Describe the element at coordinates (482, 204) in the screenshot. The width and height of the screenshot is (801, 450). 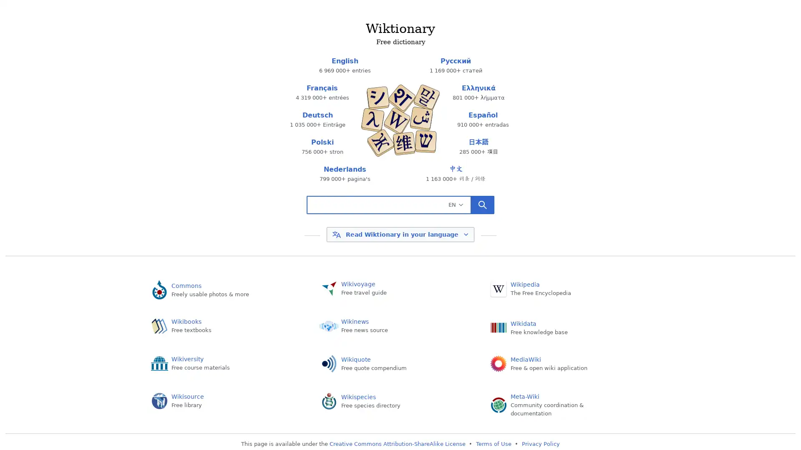
I see `Search` at that location.